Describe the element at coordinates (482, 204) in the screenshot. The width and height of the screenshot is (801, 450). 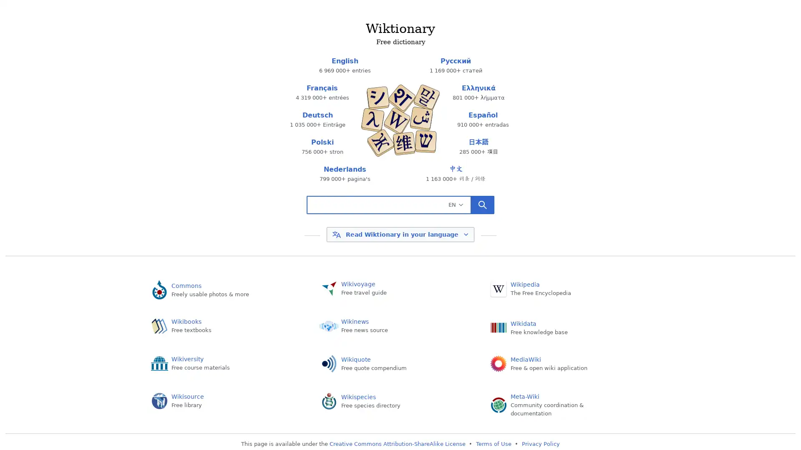
I see `Search` at that location.